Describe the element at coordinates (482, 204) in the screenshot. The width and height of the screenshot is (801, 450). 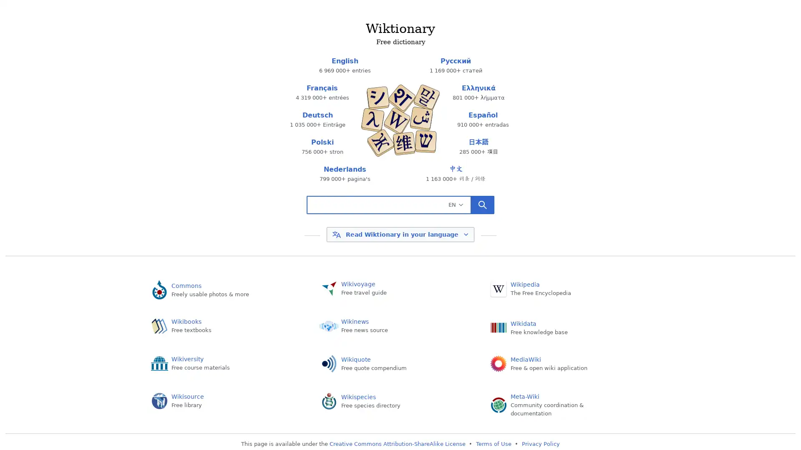
I see `Search` at that location.